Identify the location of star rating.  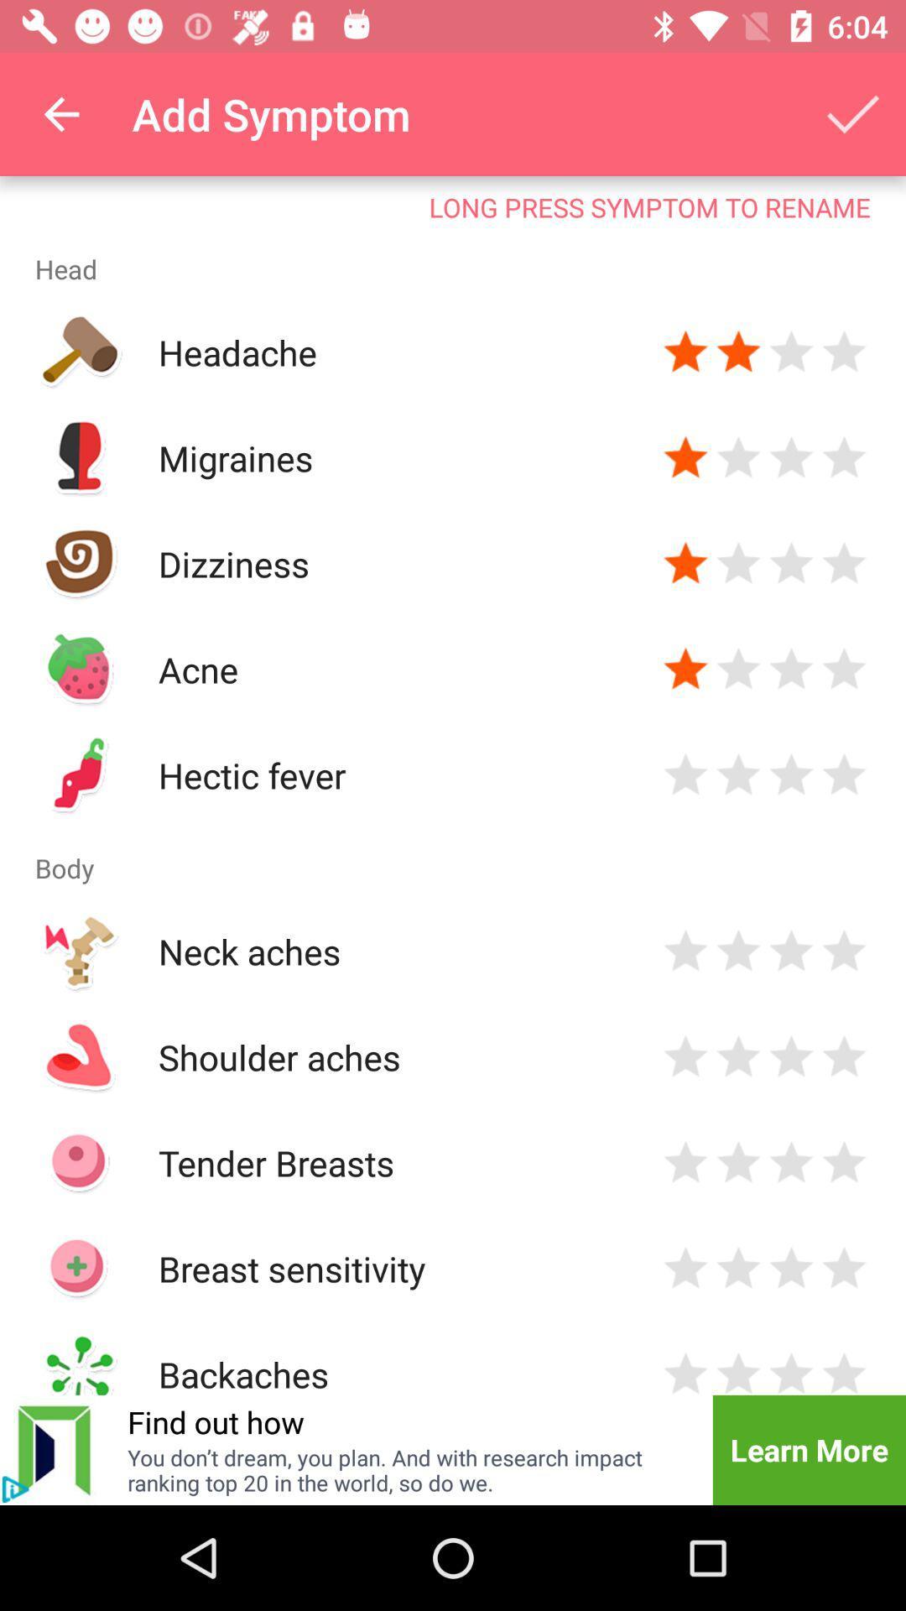
(844, 668).